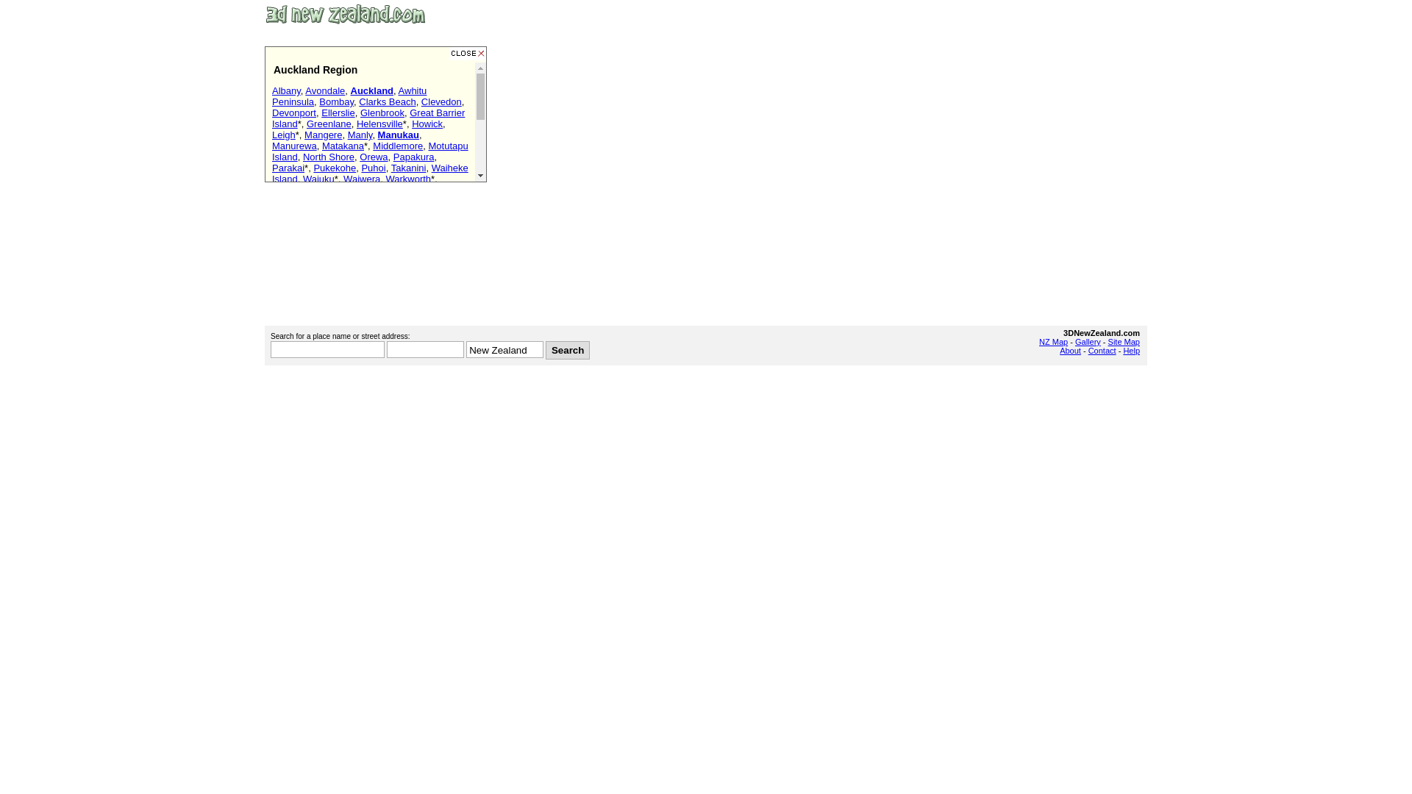 Image resolution: width=1412 pixels, height=794 pixels. I want to click on 'Waiwera', so click(361, 178).